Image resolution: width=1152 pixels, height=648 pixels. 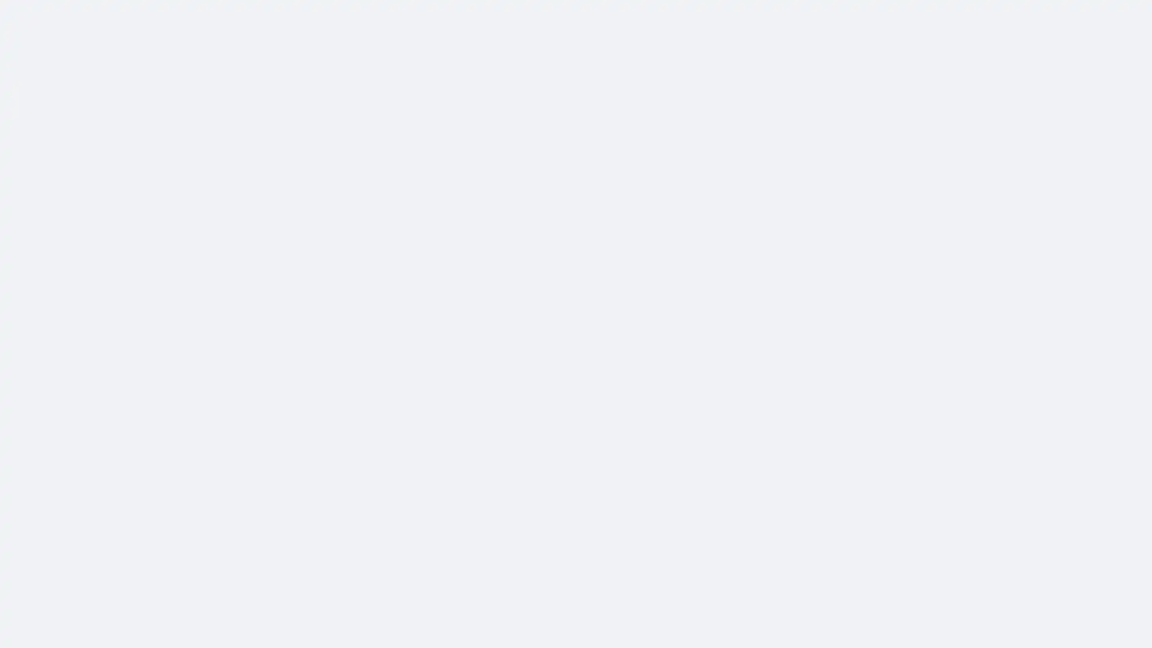 I want to click on Like: 2 people, so click(x=554, y=289).